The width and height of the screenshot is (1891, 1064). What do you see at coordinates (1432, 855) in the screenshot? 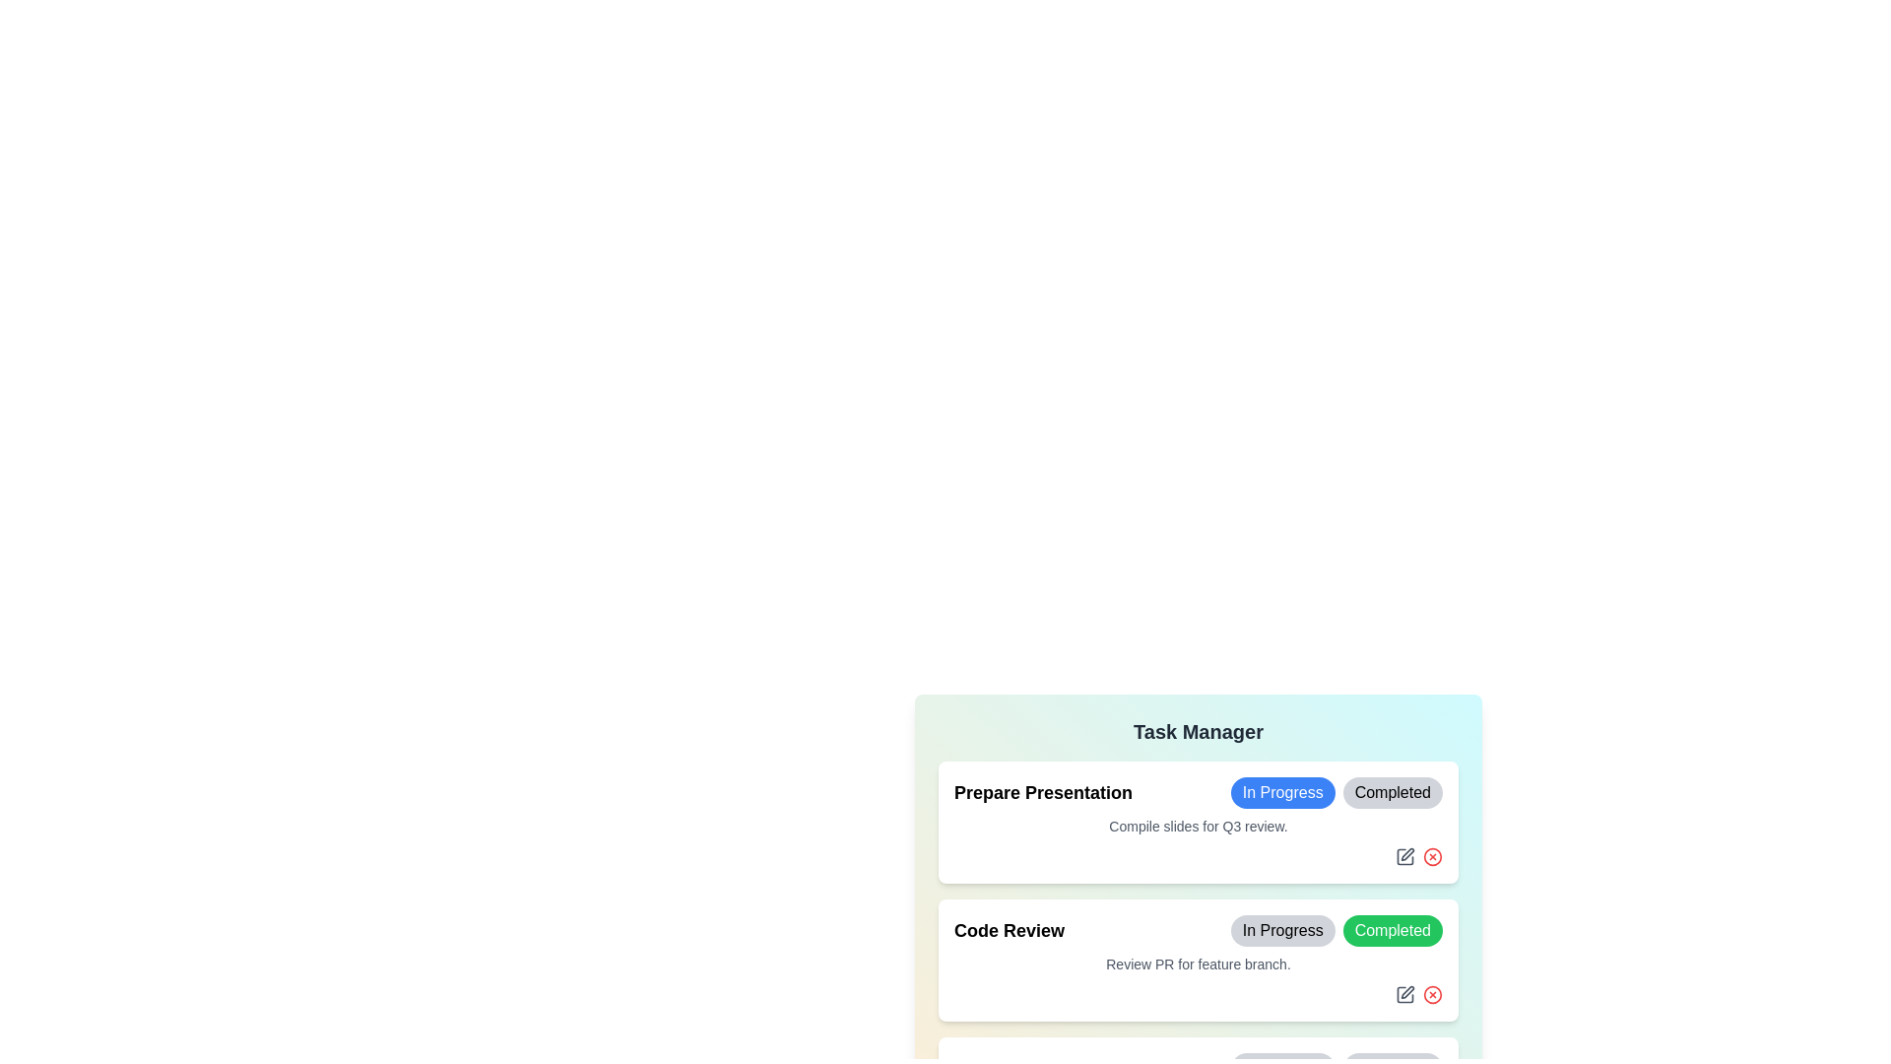
I see `the delete icon for the task titled 'Prepare Presentation'` at bounding box center [1432, 855].